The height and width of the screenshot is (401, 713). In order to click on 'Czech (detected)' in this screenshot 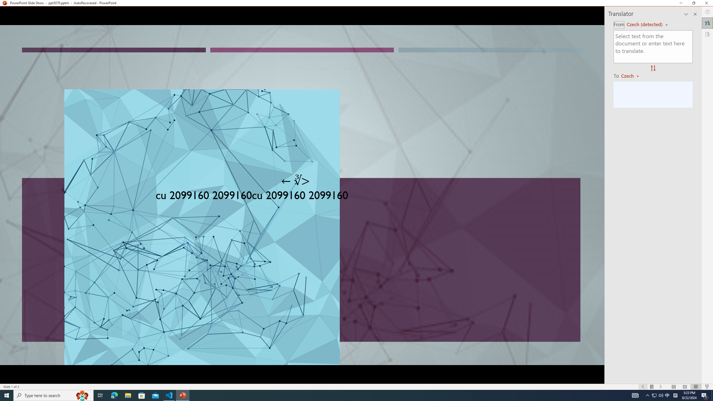, I will do `click(645, 25)`.